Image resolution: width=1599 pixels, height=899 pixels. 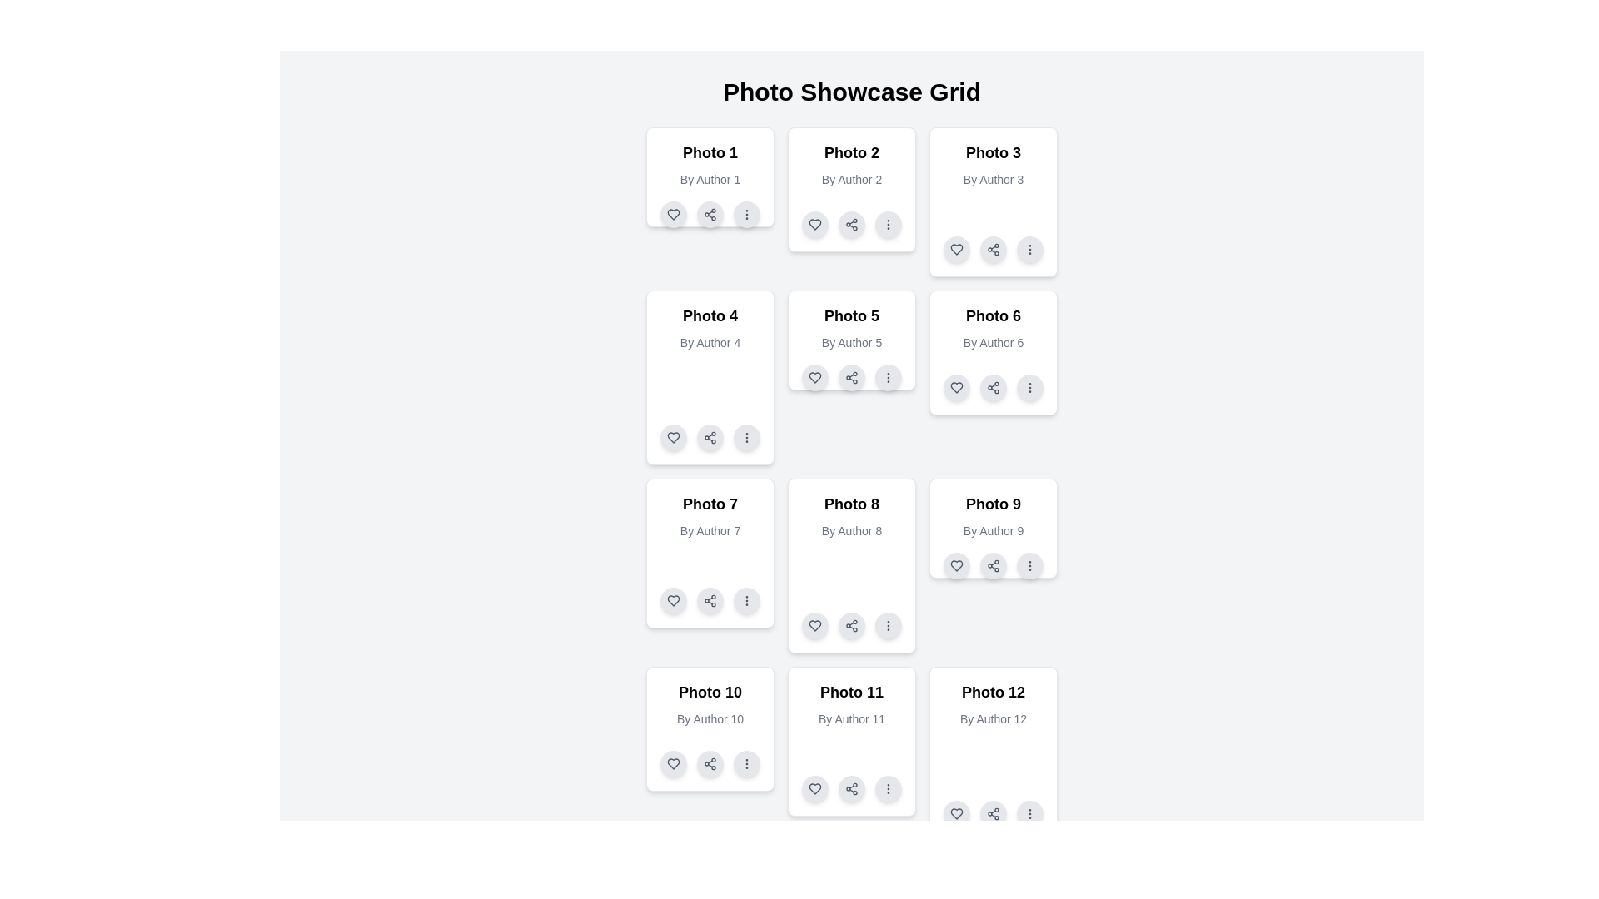 I want to click on the button group containing the heart, share, and ellipsis icons located at the bottom-right corner of the 'Photo 7' card, so click(x=710, y=600).